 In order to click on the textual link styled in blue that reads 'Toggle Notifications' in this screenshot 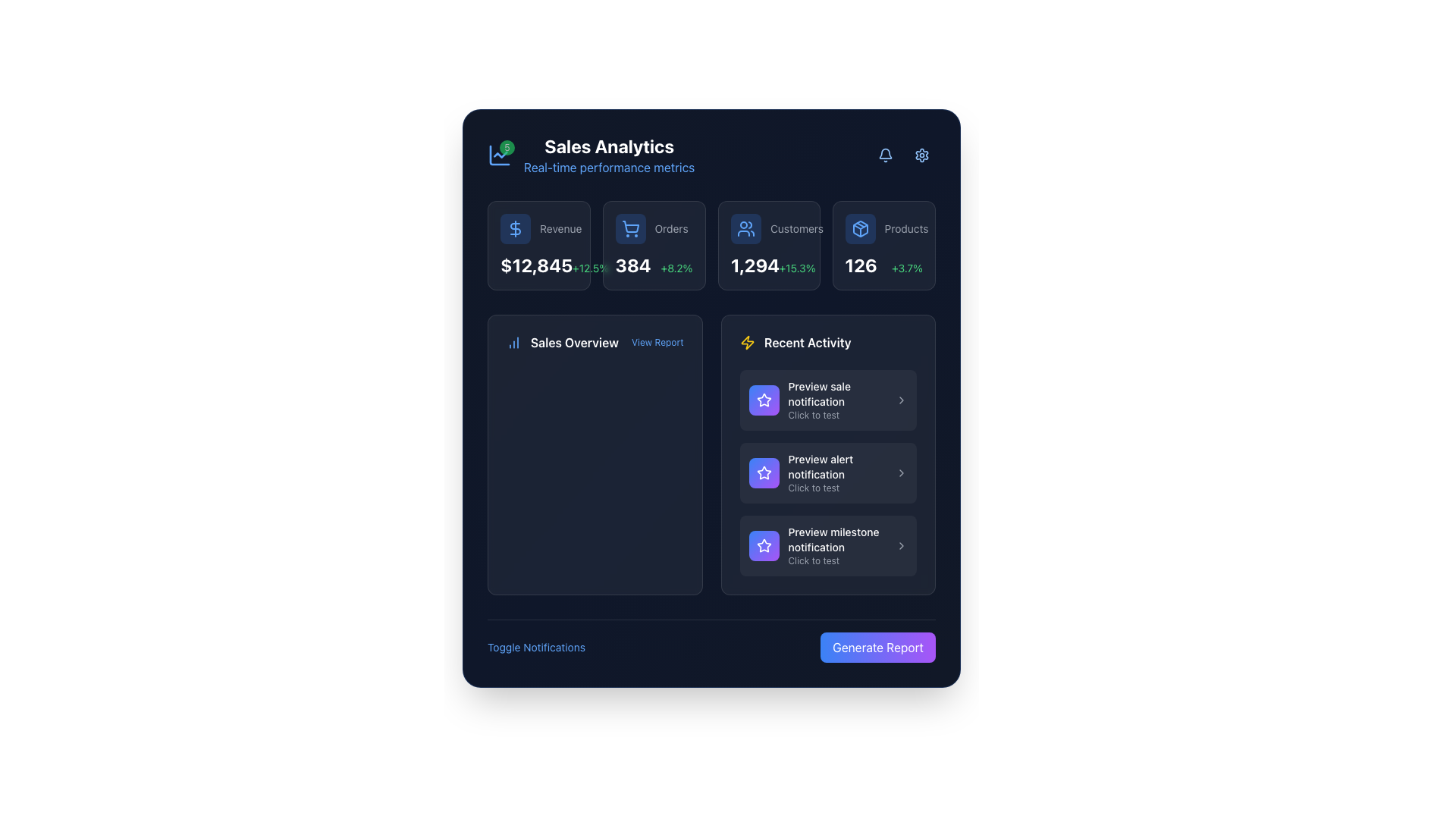, I will do `click(536, 647)`.